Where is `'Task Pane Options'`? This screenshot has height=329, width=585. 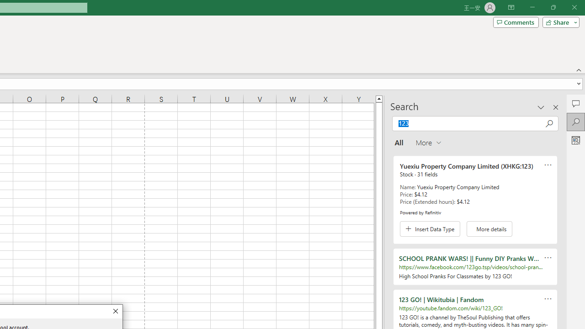 'Task Pane Options' is located at coordinates (541, 107).